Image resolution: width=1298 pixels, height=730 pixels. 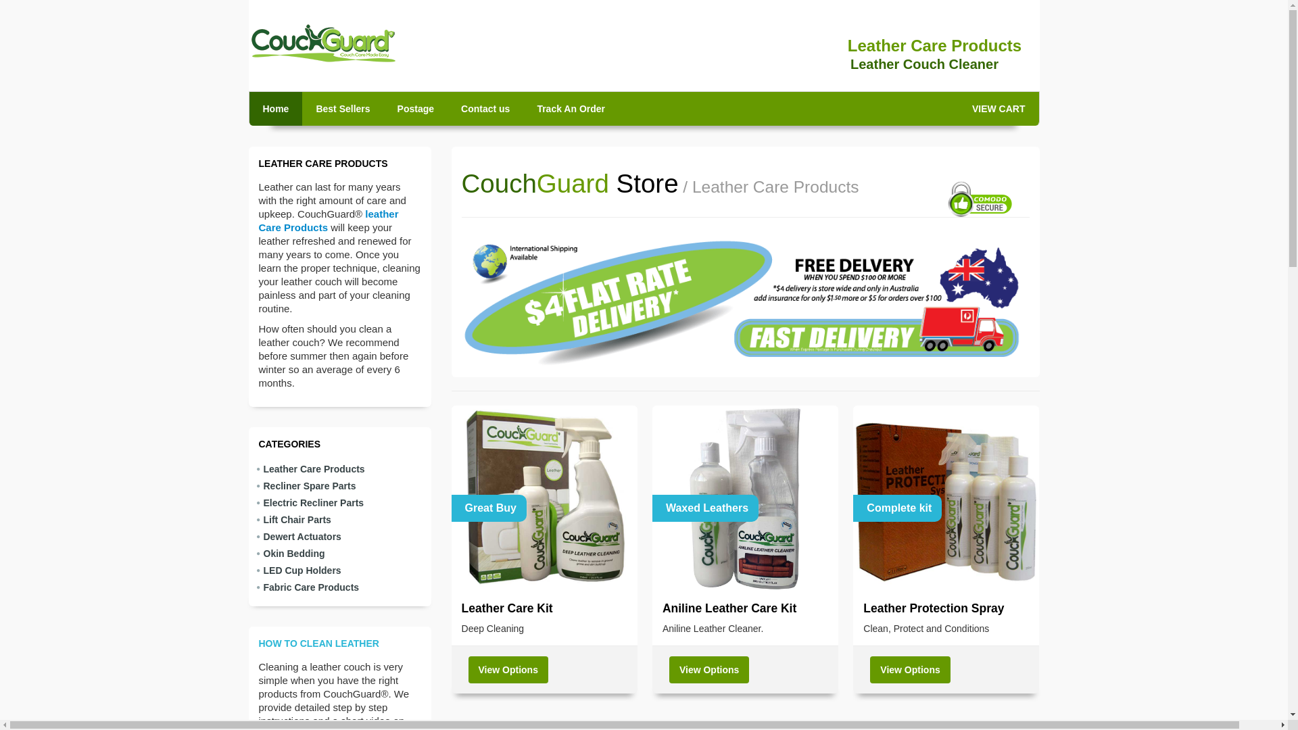 I want to click on 'Great Buy', so click(x=544, y=498).